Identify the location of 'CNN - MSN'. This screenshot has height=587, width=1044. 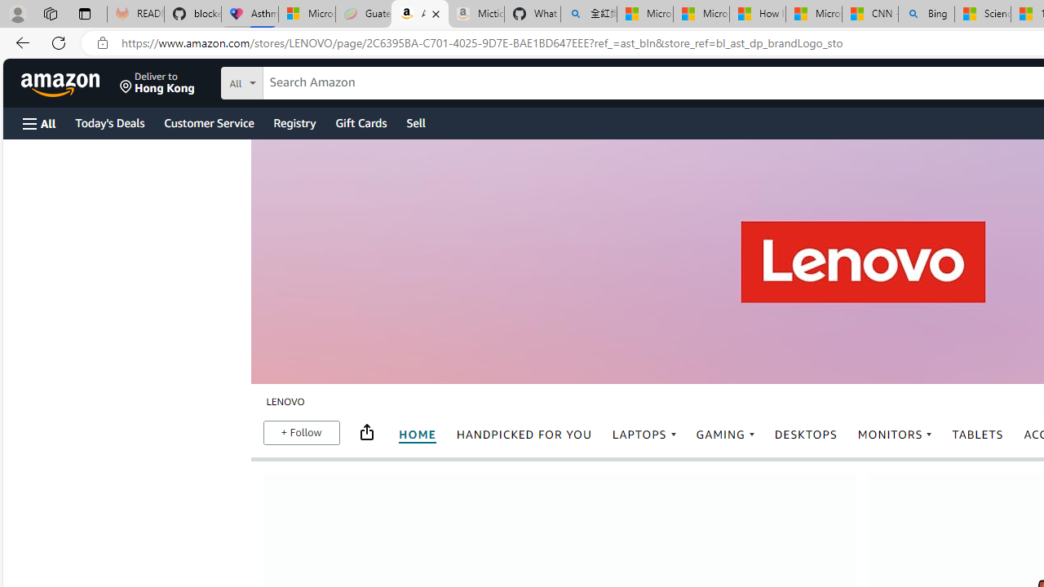
(869, 14).